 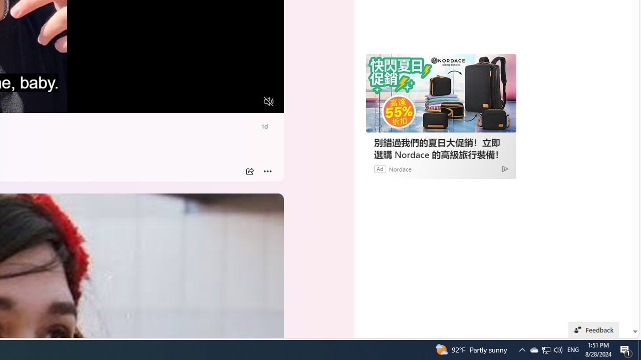 What do you see at coordinates (267, 171) in the screenshot?
I see `'More'` at bounding box center [267, 171].